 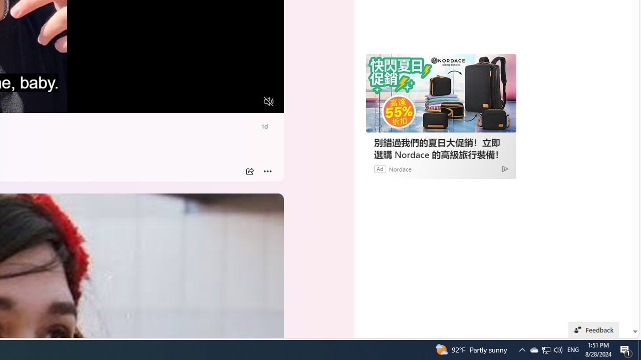 What do you see at coordinates (267, 171) in the screenshot?
I see `'More'` at bounding box center [267, 171].